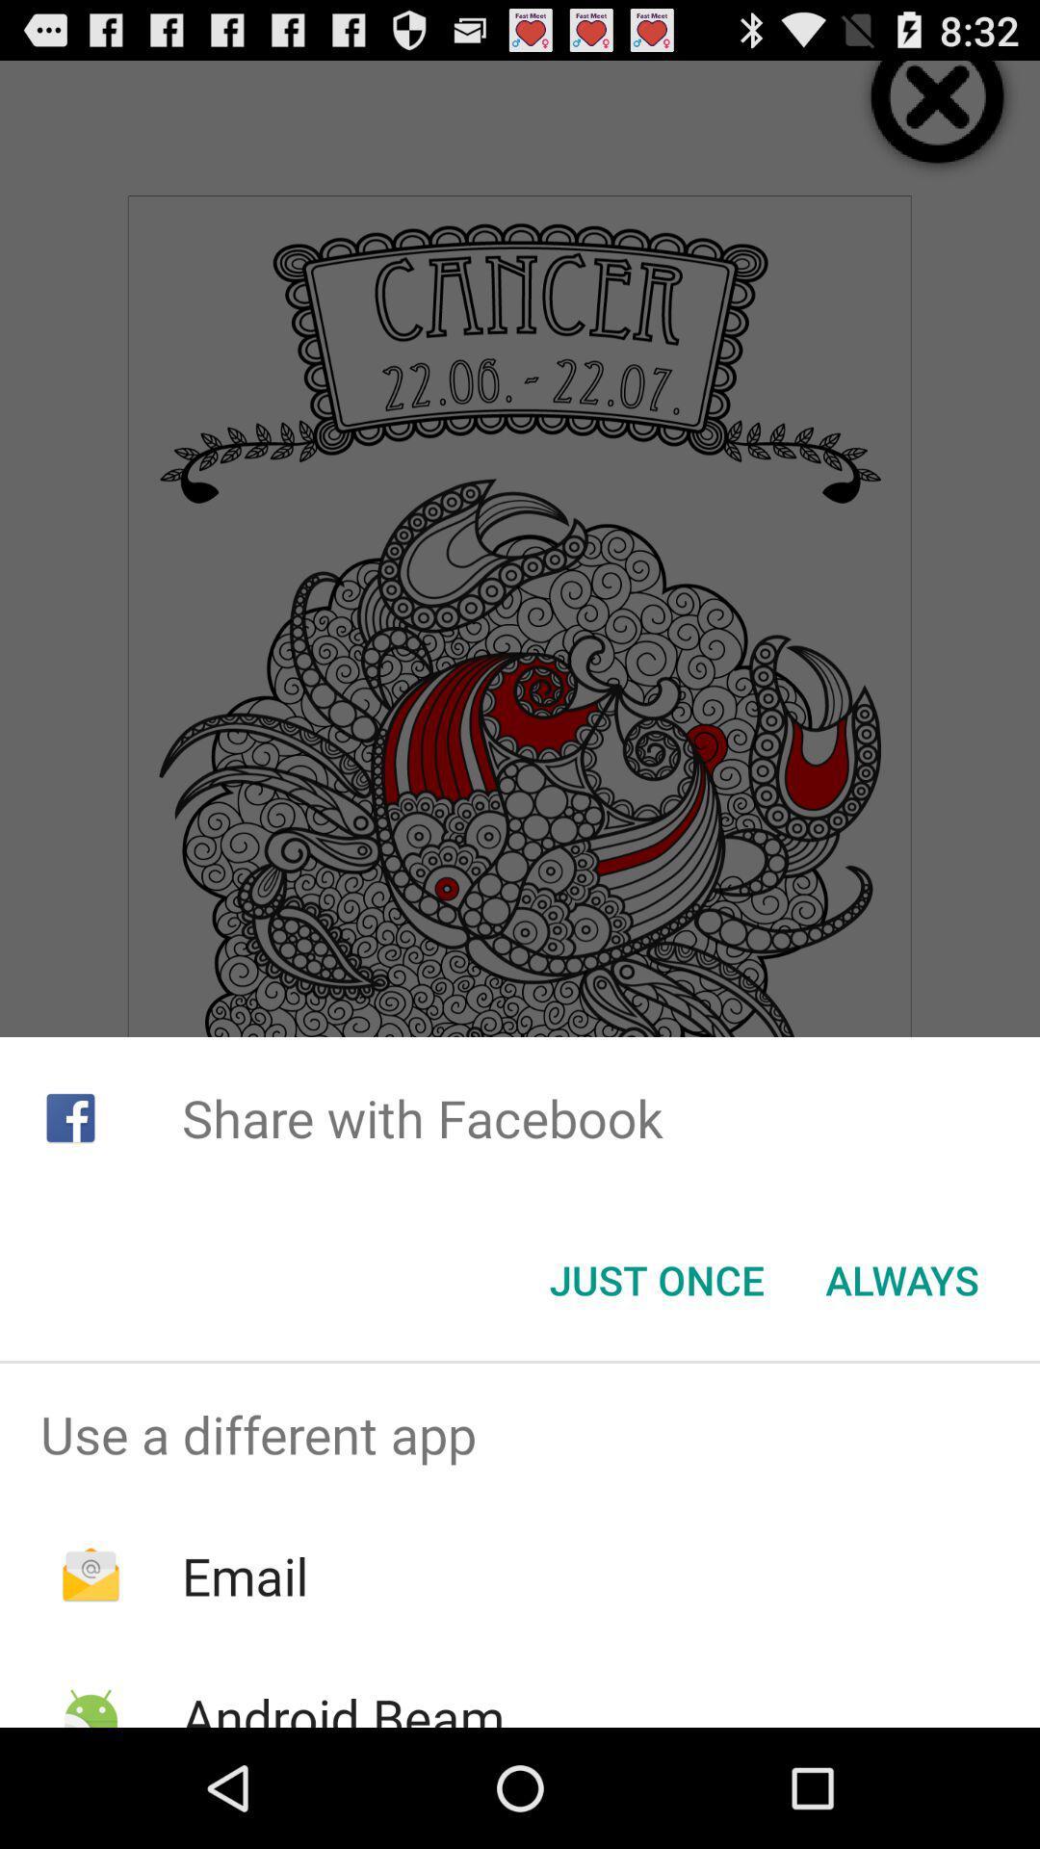 This screenshot has width=1040, height=1849. I want to click on the android beam app, so click(342, 1705).